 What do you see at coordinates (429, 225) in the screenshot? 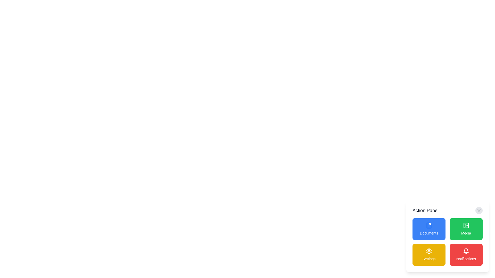
I see `the small file or document icon located within the blue 'Documents' button in the top-left of the action panel` at bounding box center [429, 225].